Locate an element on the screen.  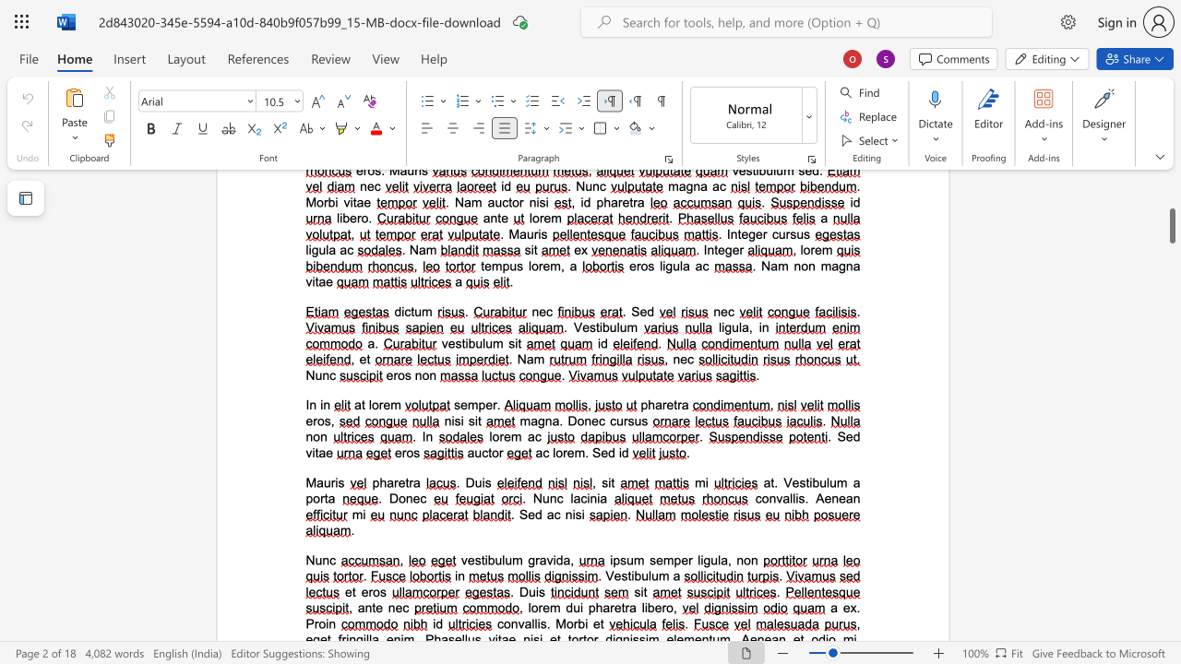
the space between the continuous character "i" and "p" in the text is located at coordinates (614, 559).